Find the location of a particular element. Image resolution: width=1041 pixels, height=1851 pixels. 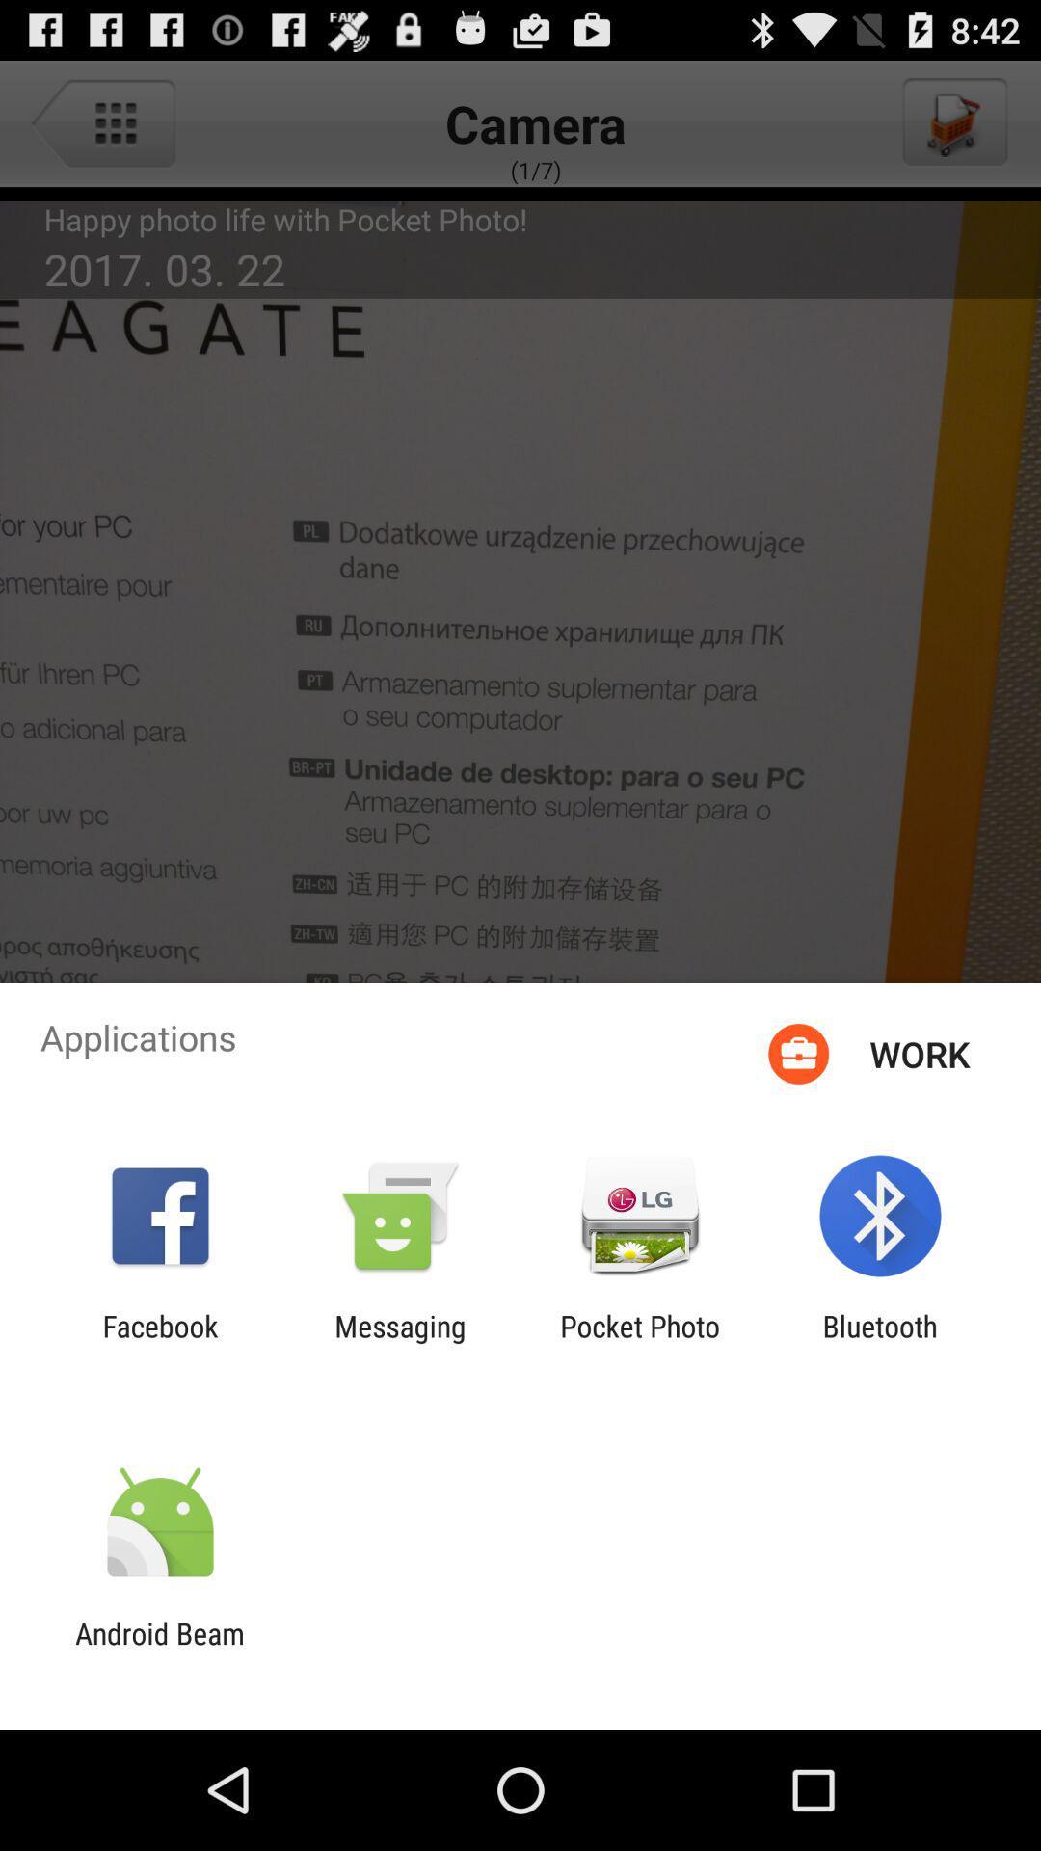

facebook app is located at coordinates (159, 1342).